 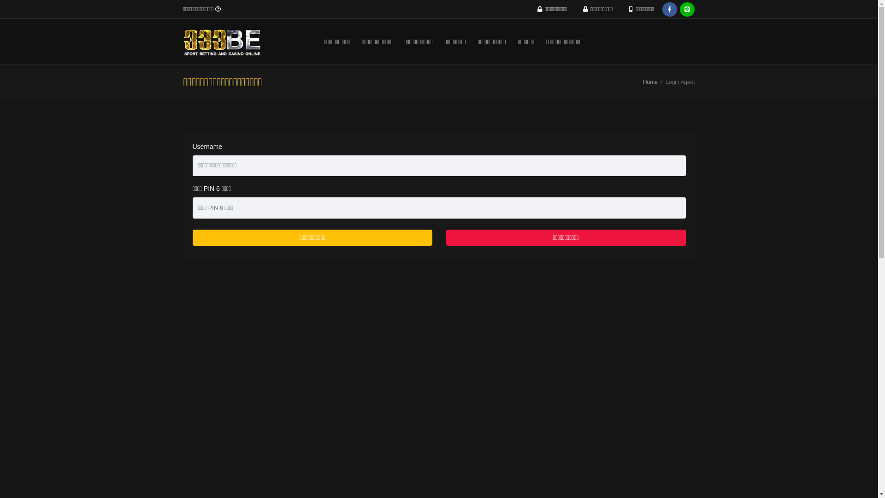 I want to click on 'Home', so click(x=650, y=81).